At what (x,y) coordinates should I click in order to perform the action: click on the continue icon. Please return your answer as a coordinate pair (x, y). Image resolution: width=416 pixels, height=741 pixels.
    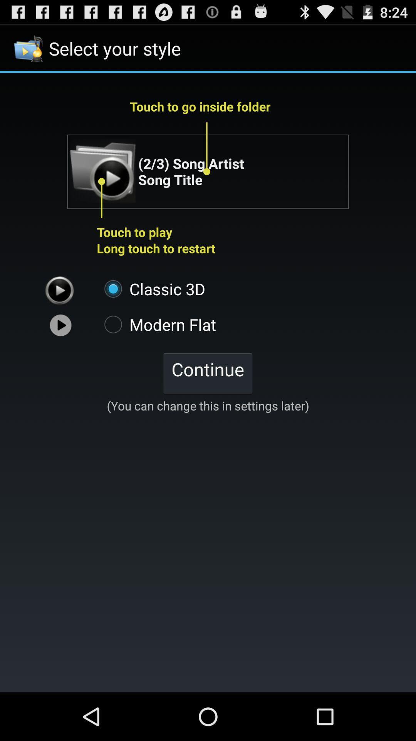
    Looking at the image, I should click on (207, 373).